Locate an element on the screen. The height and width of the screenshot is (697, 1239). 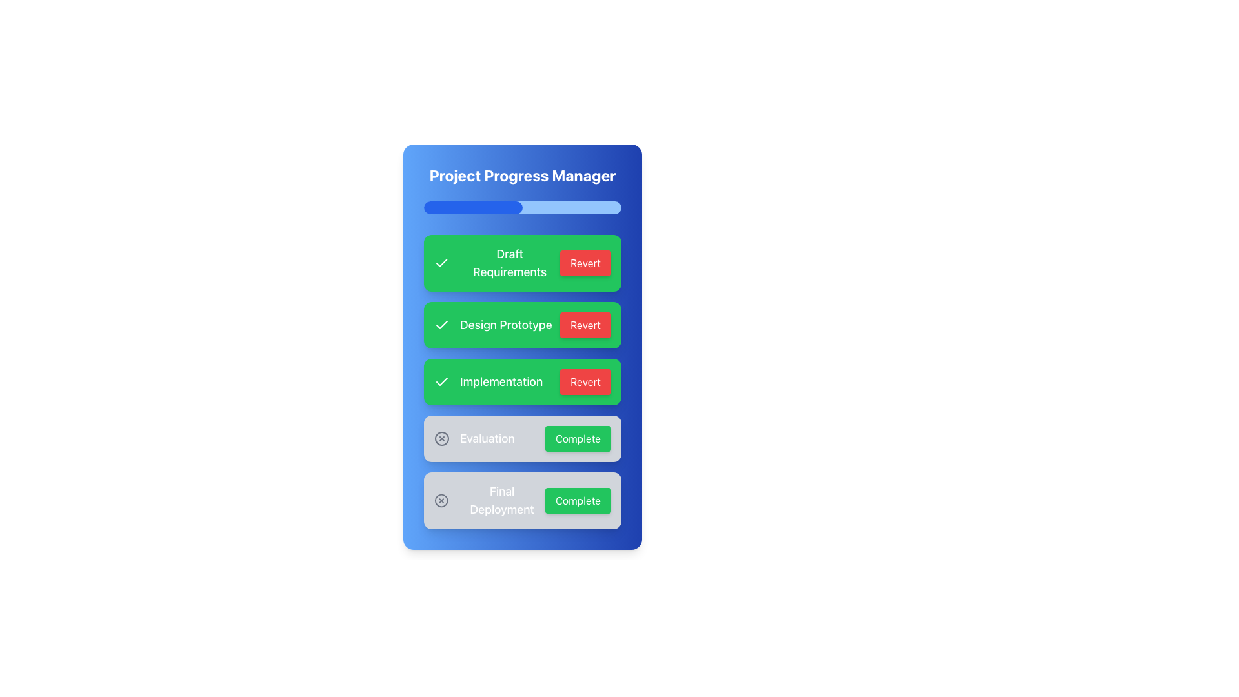
progress bar is located at coordinates (536, 207).